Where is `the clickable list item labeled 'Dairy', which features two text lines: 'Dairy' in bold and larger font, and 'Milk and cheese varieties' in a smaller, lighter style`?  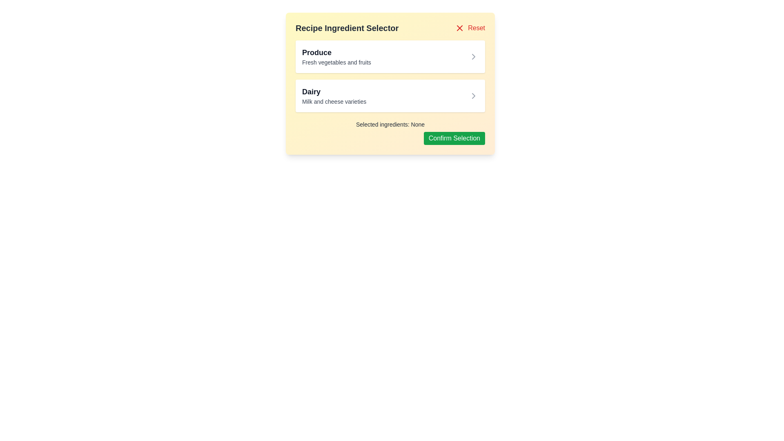 the clickable list item labeled 'Dairy', which features two text lines: 'Dairy' in bold and larger font, and 'Milk and cheese varieties' in a smaller, lighter style is located at coordinates (334, 96).